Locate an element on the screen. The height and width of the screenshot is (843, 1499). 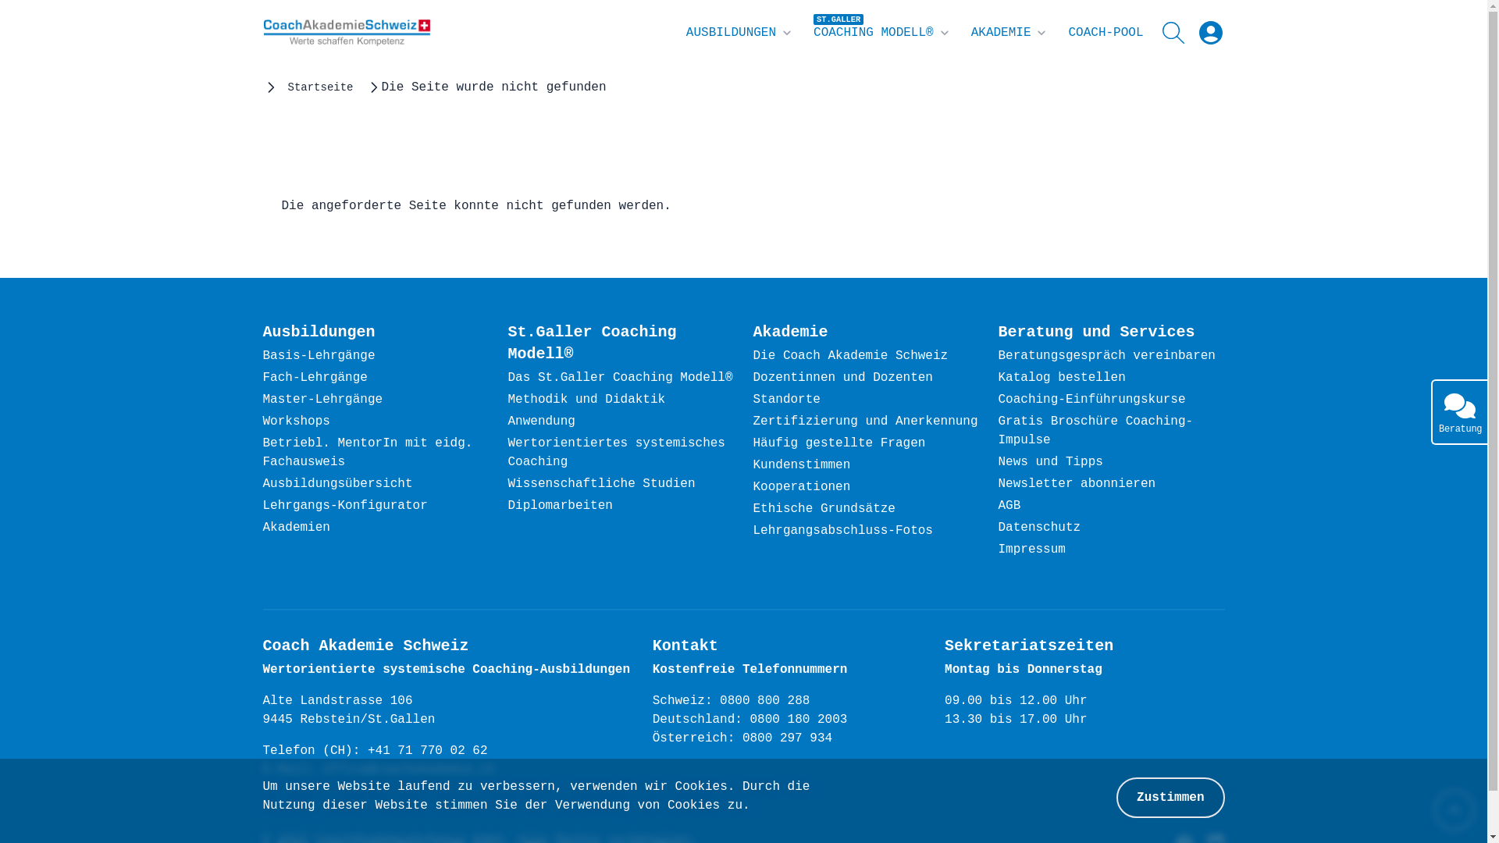
'Beratung' is located at coordinates (1458, 411).